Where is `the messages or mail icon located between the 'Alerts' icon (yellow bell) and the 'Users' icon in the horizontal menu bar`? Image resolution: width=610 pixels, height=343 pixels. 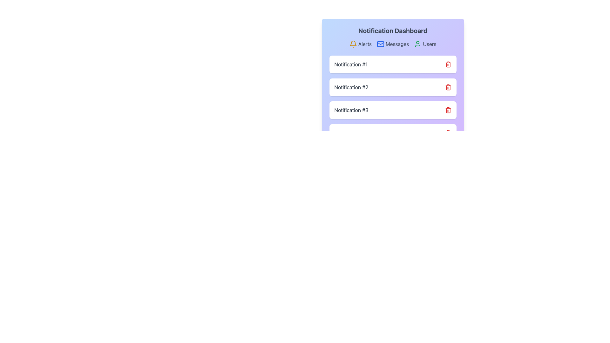 the messages or mail icon located between the 'Alerts' icon (yellow bell) and the 'Users' icon in the horizontal menu bar is located at coordinates (381, 44).